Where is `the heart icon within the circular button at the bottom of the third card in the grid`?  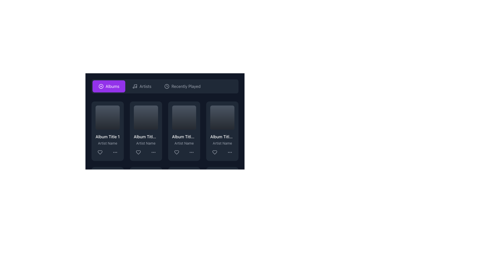
the heart icon within the circular button at the bottom of the third card in the grid is located at coordinates (176, 152).